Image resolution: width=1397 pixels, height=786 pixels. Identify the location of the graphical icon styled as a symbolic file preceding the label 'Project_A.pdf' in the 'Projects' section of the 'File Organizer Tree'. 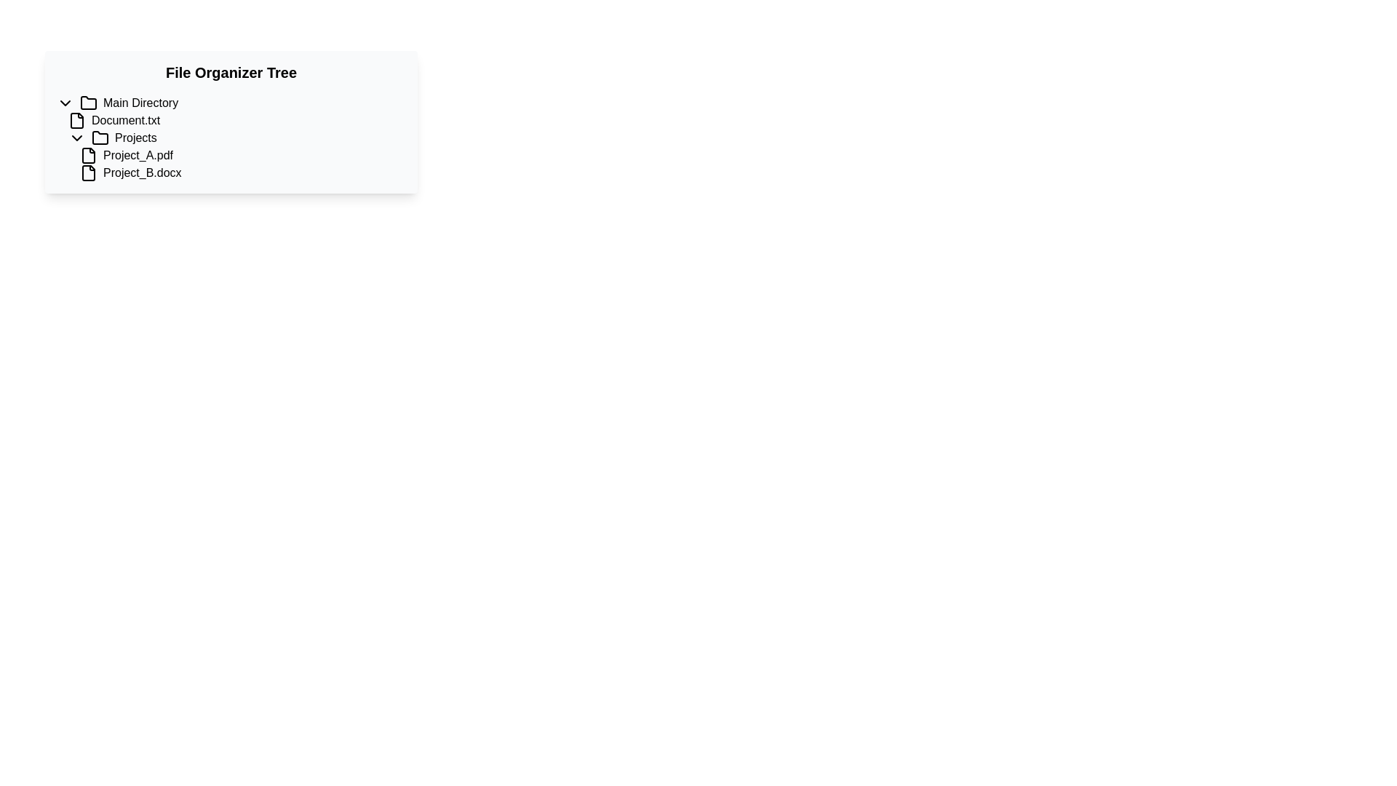
(87, 155).